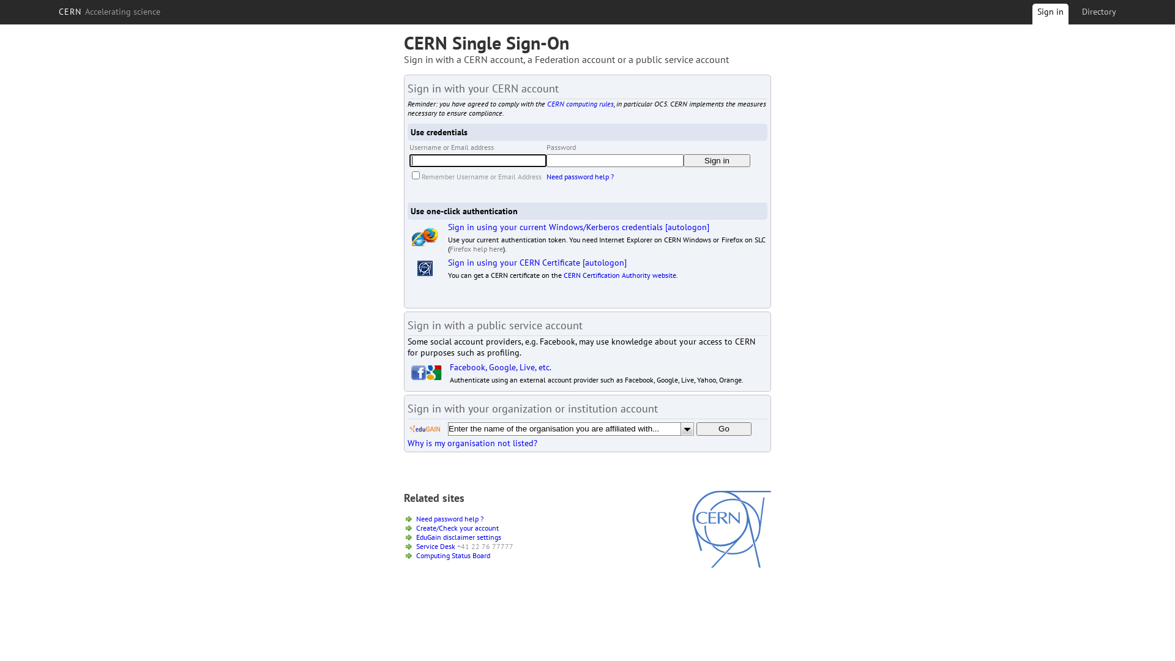  I want to click on 'Facebook, Google, Live, etc.', so click(500, 367).